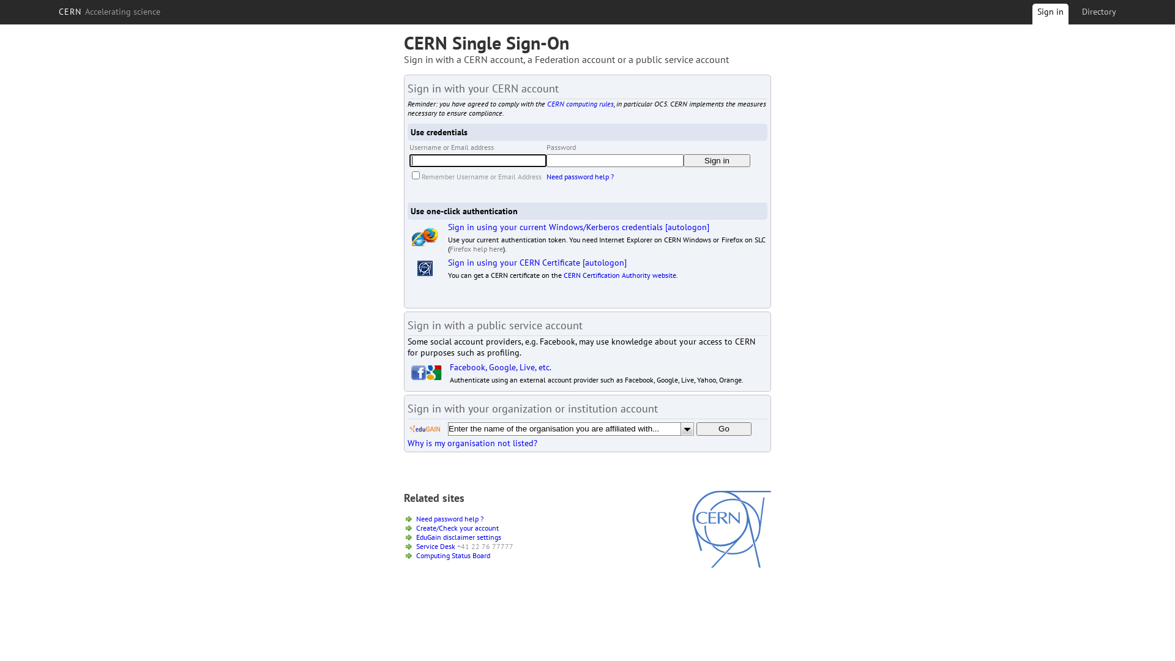  I want to click on 'Facebook, Google, Live, etc.', so click(500, 367).